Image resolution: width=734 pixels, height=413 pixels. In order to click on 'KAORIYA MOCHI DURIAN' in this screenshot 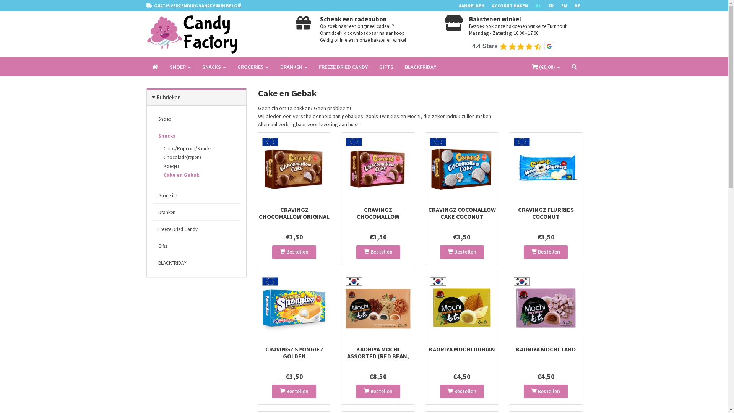, I will do `click(429, 349)`.